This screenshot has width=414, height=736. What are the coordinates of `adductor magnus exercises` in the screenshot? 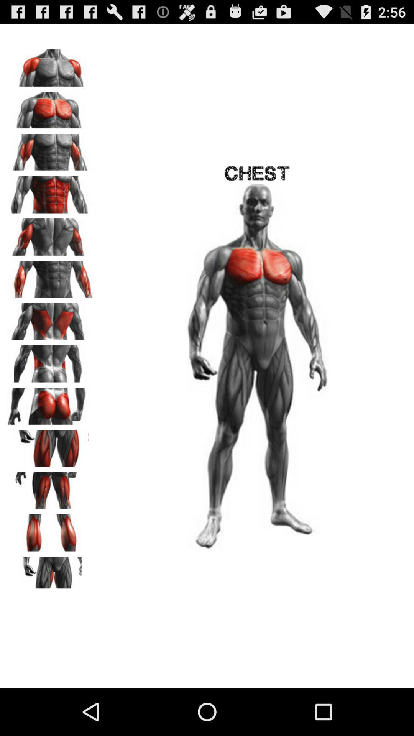 It's located at (50, 572).